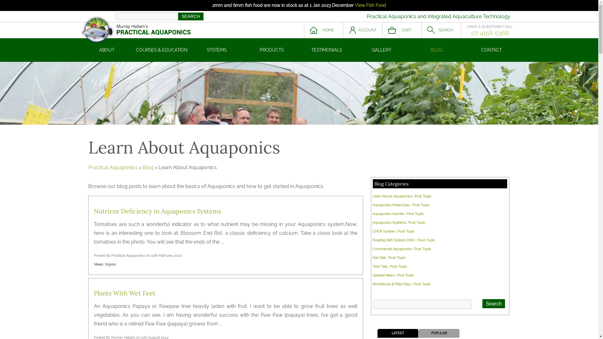 This screenshot has height=339, width=603. Describe the element at coordinates (391, 284) in the screenshot. I see `'Workshops & Field Days'` at that location.